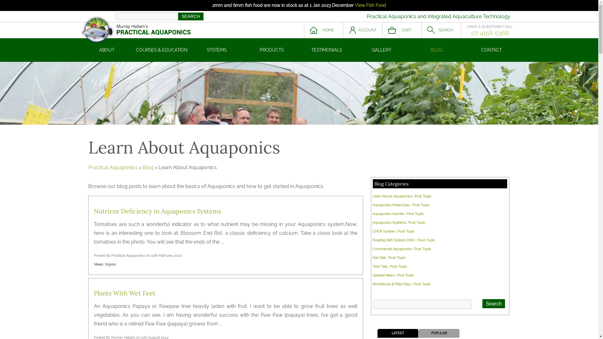 This screenshot has height=339, width=603. Describe the element at coordinates (391, 284) in the screenshot. I see `'Workshops & Field Days'` at that location.